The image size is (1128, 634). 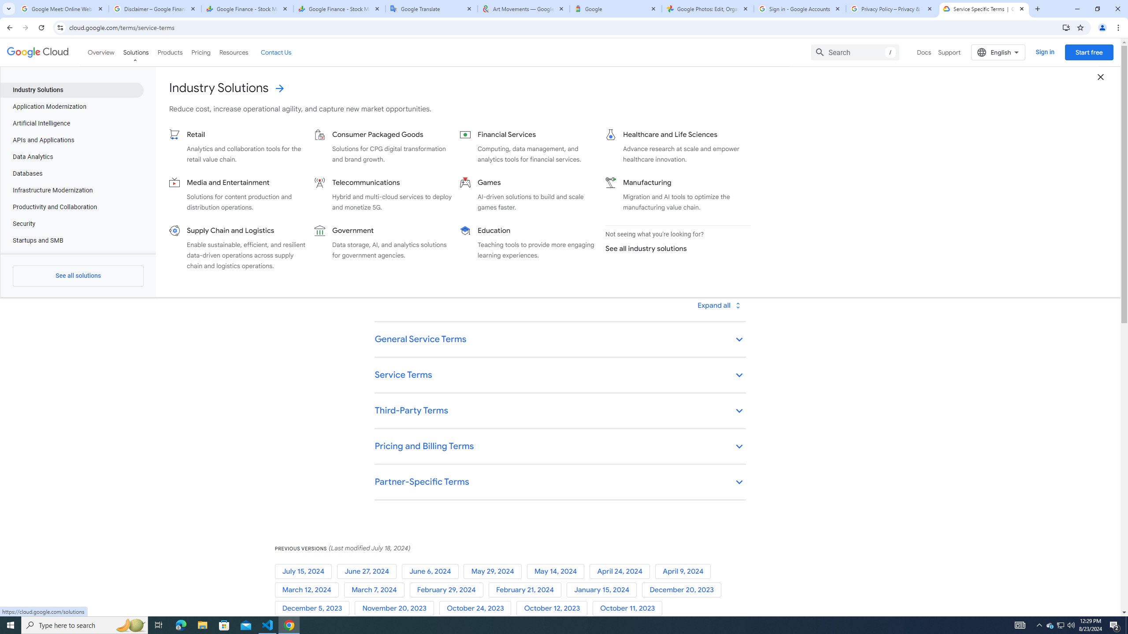 What do you see at coordinates (275, 52) in the screenshot?
I see `'Contact Us'` at bounding box center [275, 52].